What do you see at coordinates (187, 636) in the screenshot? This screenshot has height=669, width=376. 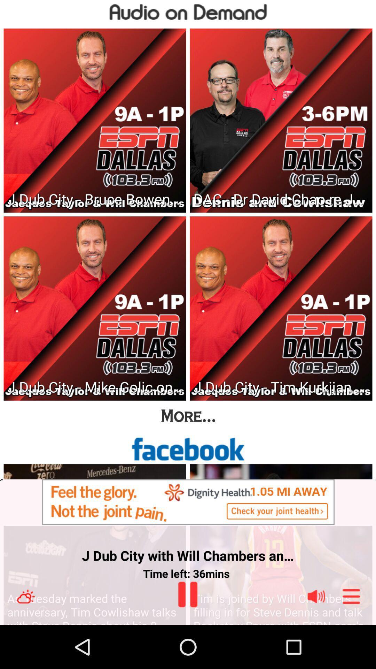 I see `the pause icon` at bounding box center [187, 636].